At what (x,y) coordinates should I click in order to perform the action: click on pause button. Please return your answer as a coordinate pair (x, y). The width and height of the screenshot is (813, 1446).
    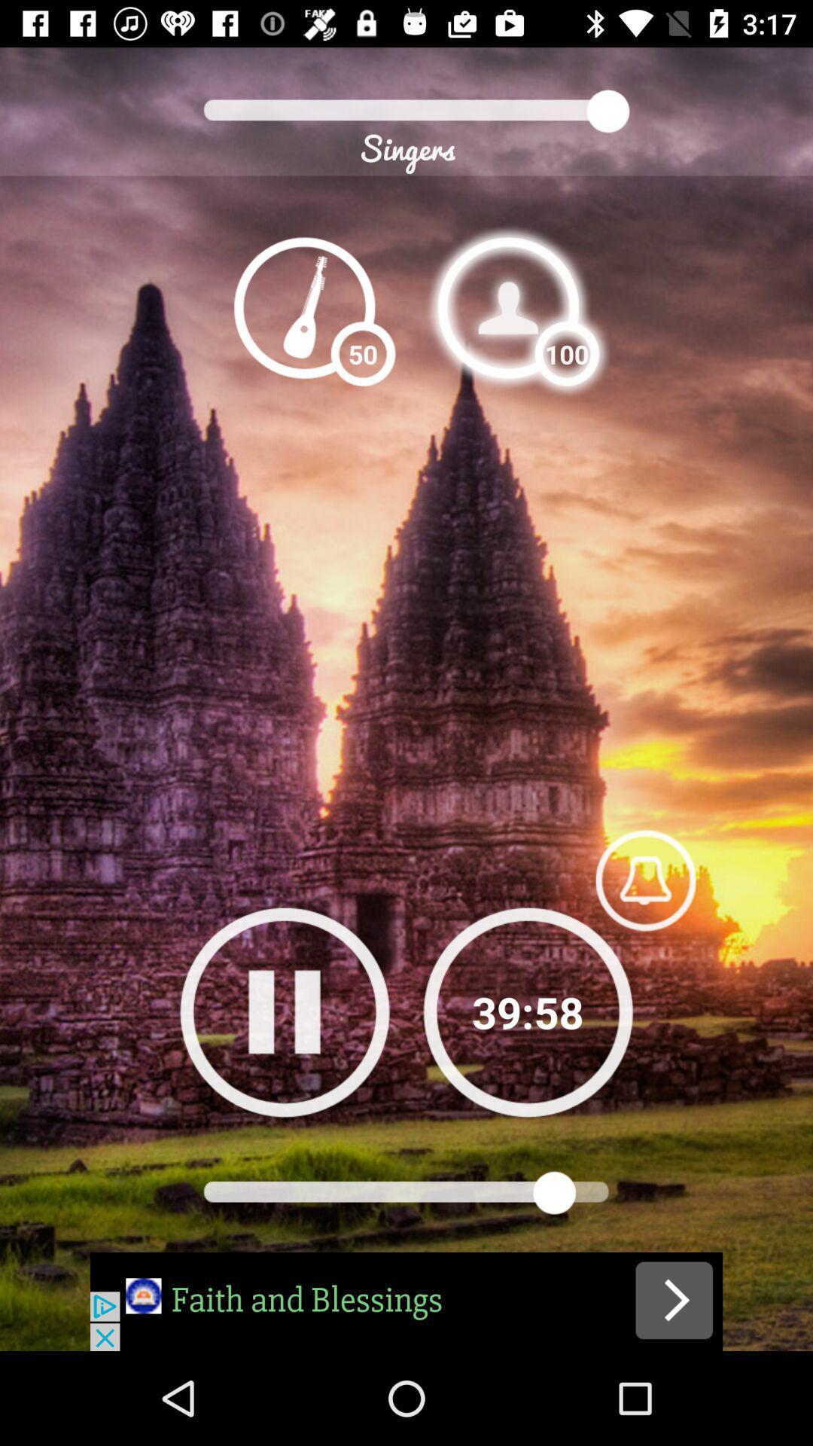
    Looking at the image, I should click on (285, 1011).